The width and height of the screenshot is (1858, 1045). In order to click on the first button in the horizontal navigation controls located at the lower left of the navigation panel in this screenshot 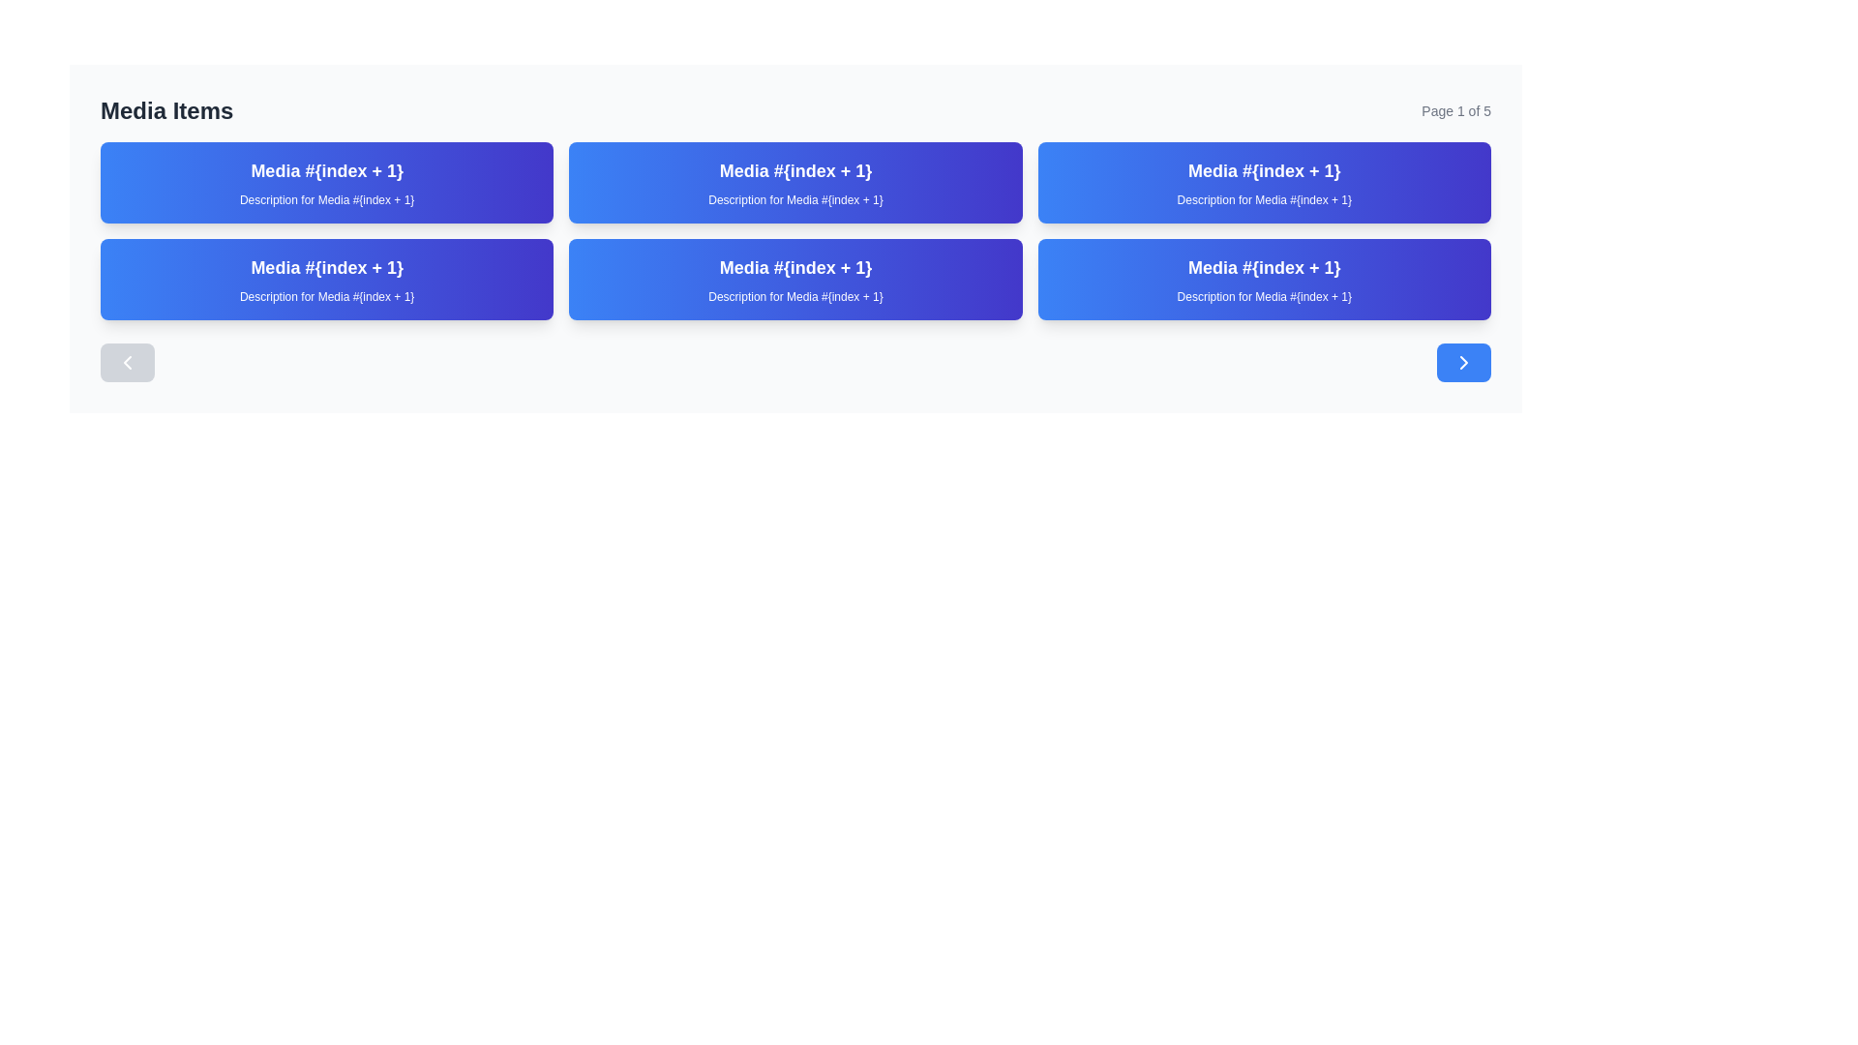, I will do `click(127, 362)`.